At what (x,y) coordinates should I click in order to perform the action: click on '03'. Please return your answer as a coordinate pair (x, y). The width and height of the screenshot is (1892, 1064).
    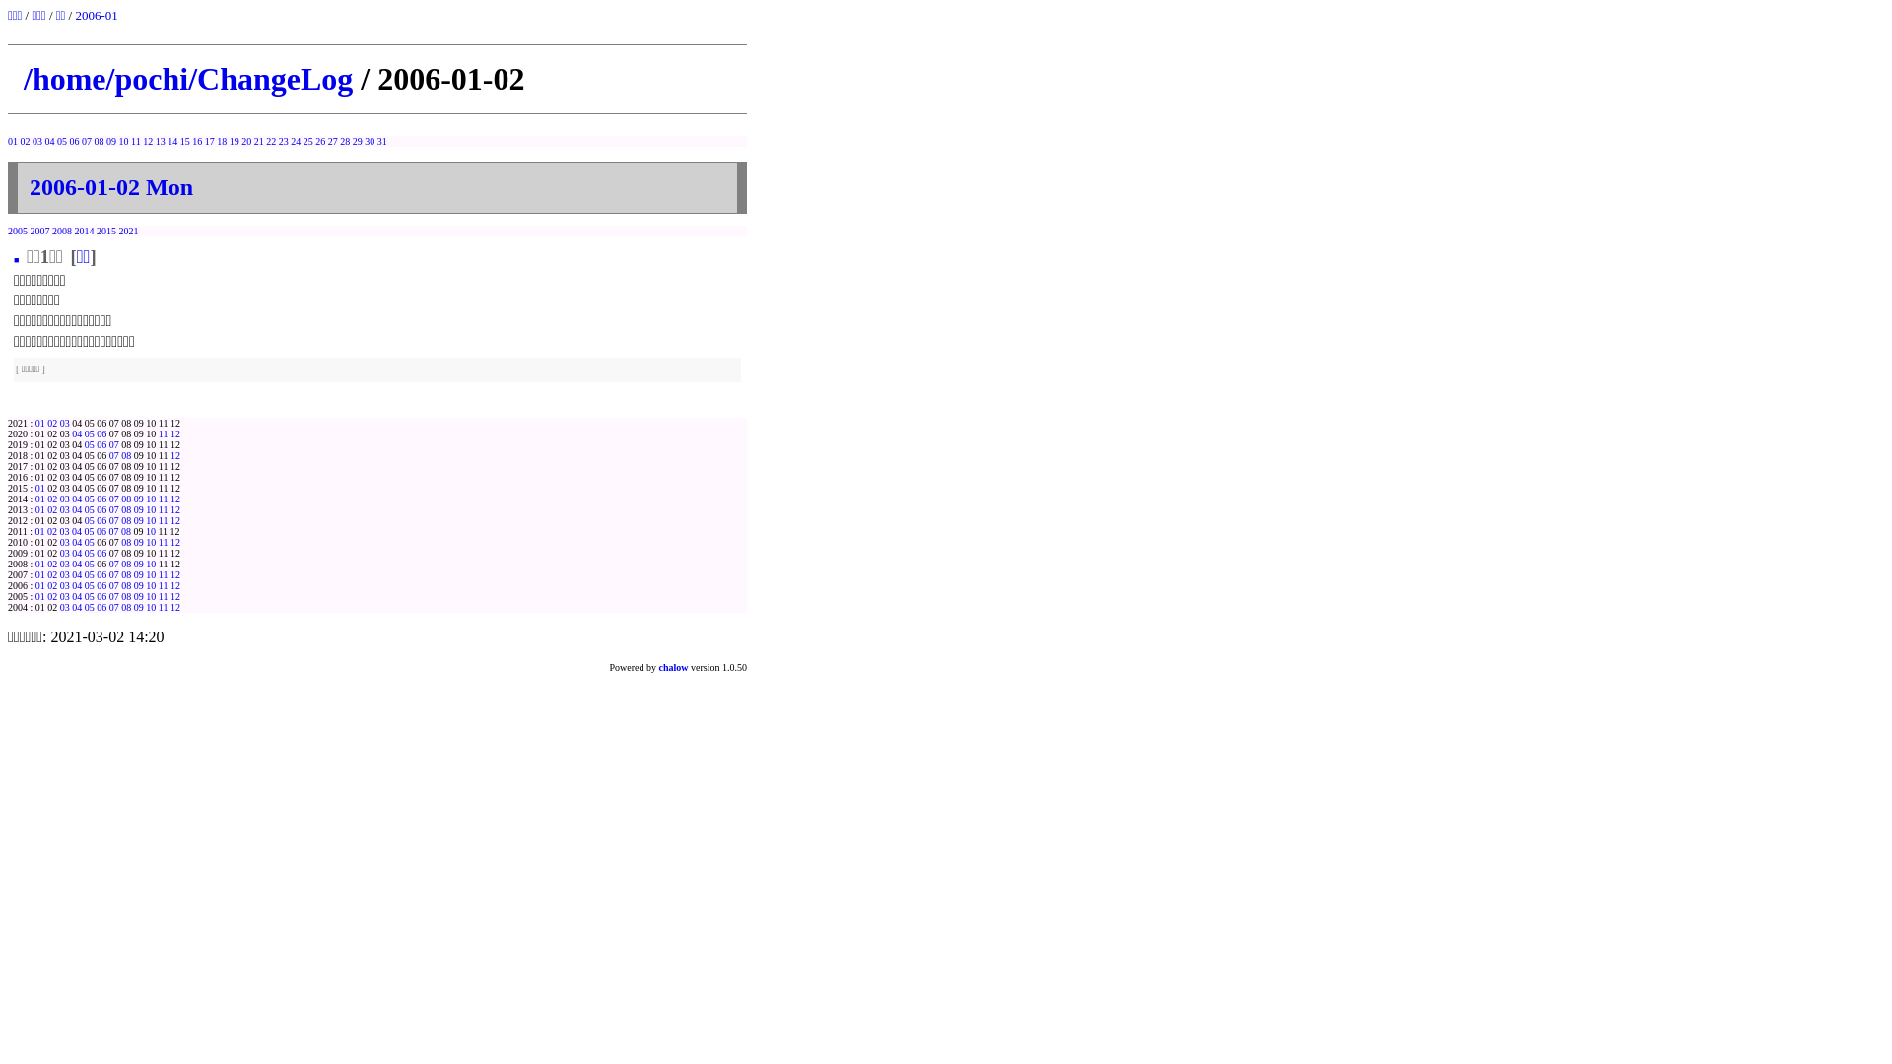
    Looking at the image, I should click on (65, 564).